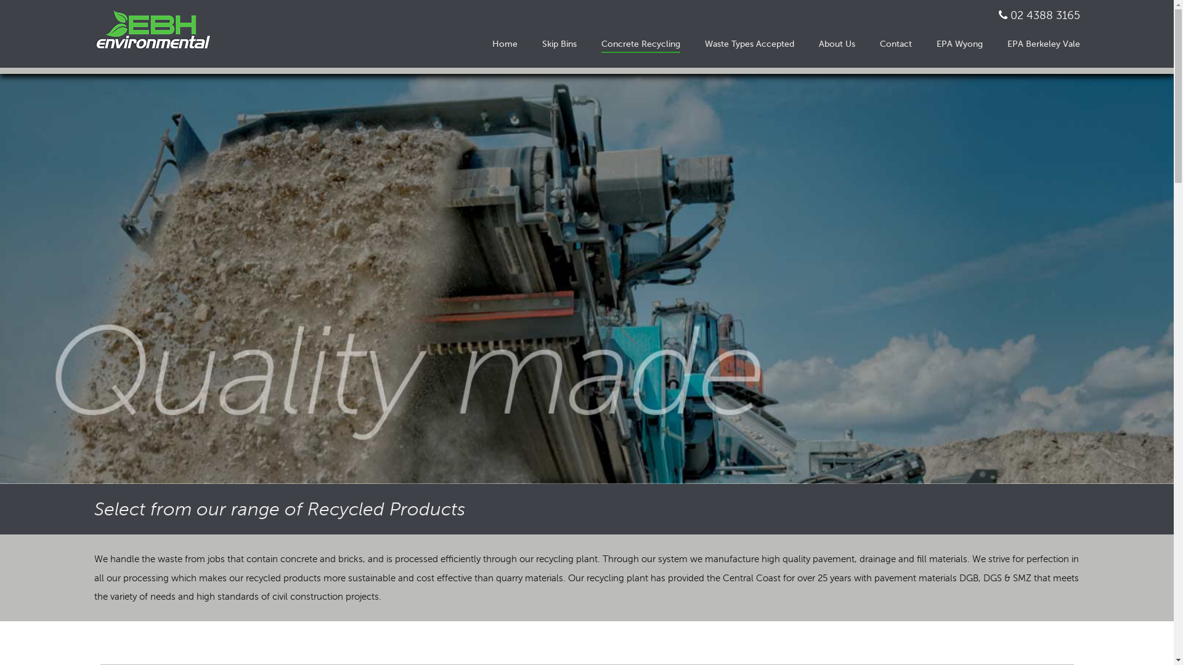 Image resolution: width=1183 pixels, height=665 pixels. What do you see at coordinates (879, 44) in the screenshot?
I see `'Contact'` at bounding box center [879, 44].